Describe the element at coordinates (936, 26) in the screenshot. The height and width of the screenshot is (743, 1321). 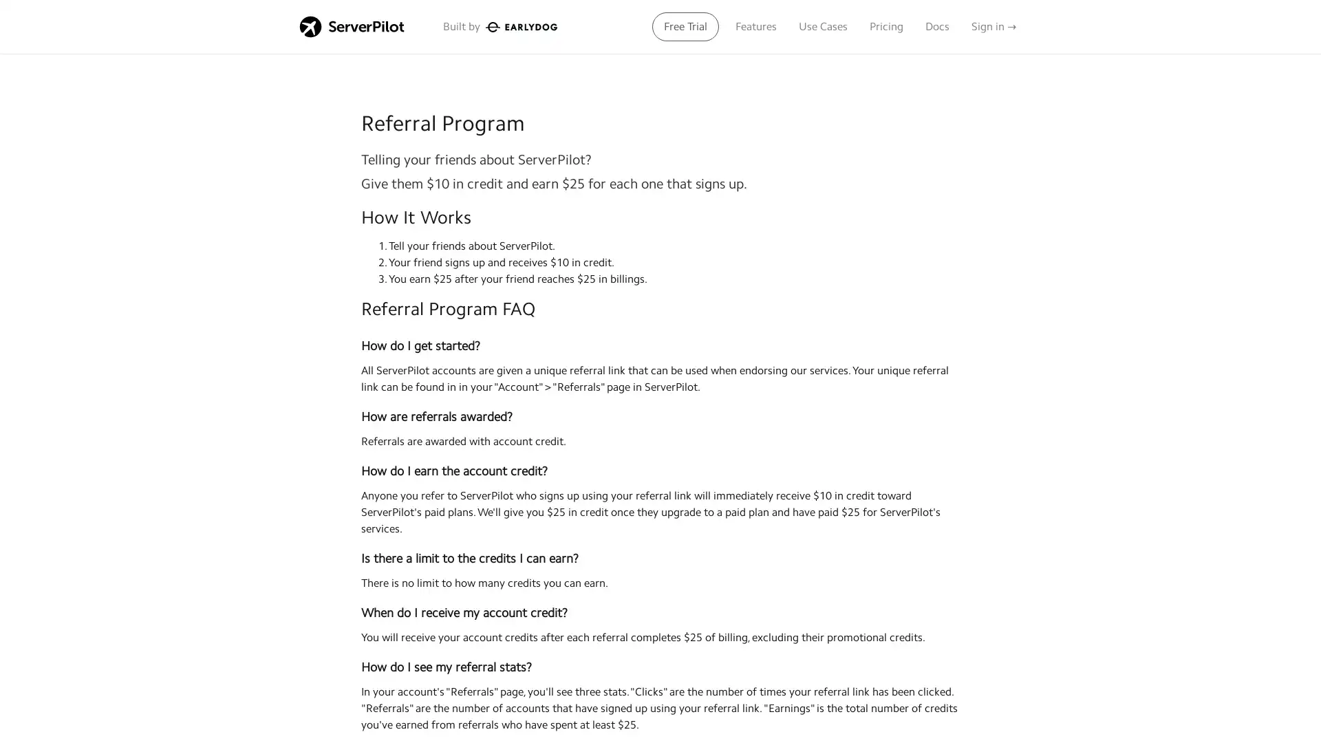
I see `Docs` at that location.